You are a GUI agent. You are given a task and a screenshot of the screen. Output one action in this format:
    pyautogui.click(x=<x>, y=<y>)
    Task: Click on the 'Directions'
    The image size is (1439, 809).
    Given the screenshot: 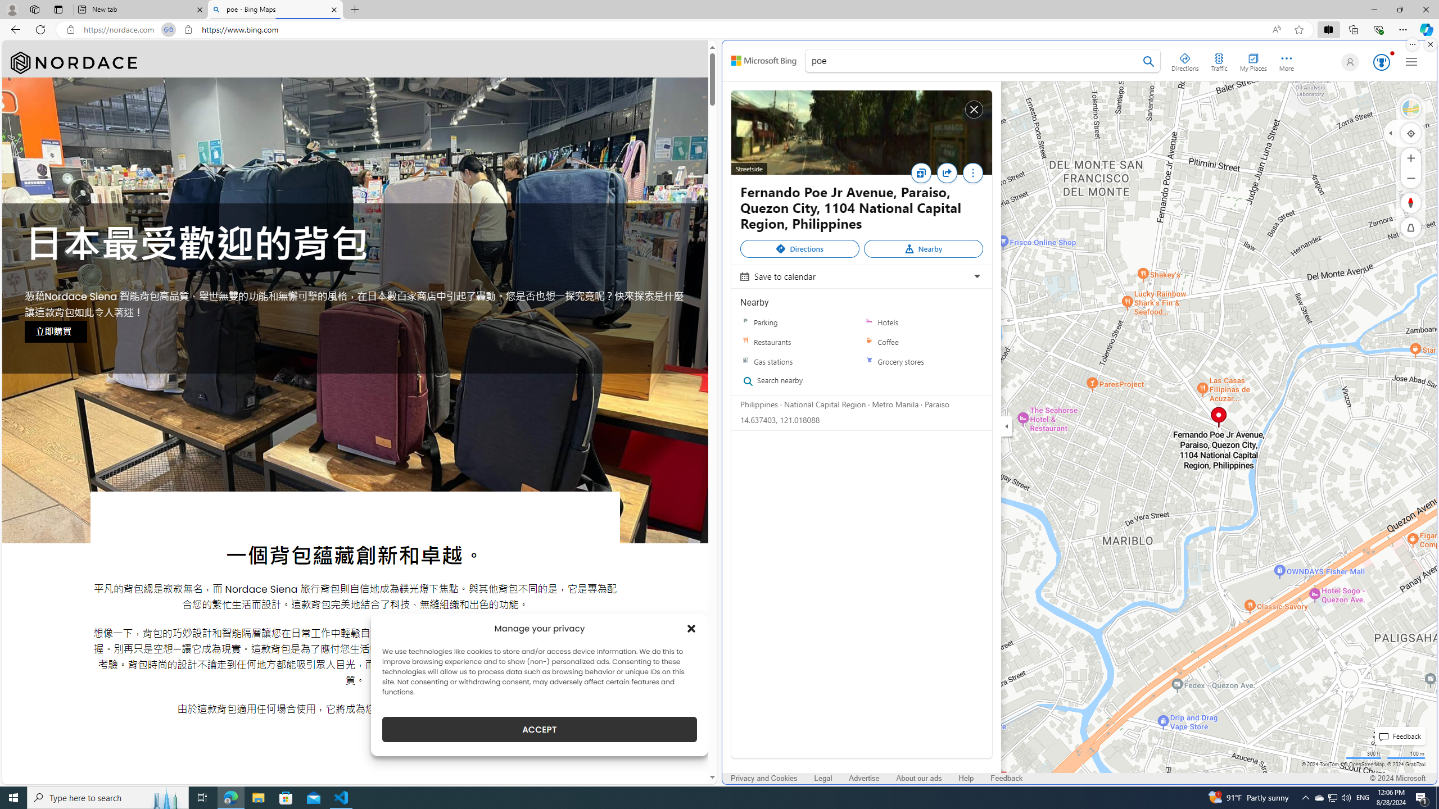 What is the action you would take?
    pyautogui.click(x=799, y=249)
    